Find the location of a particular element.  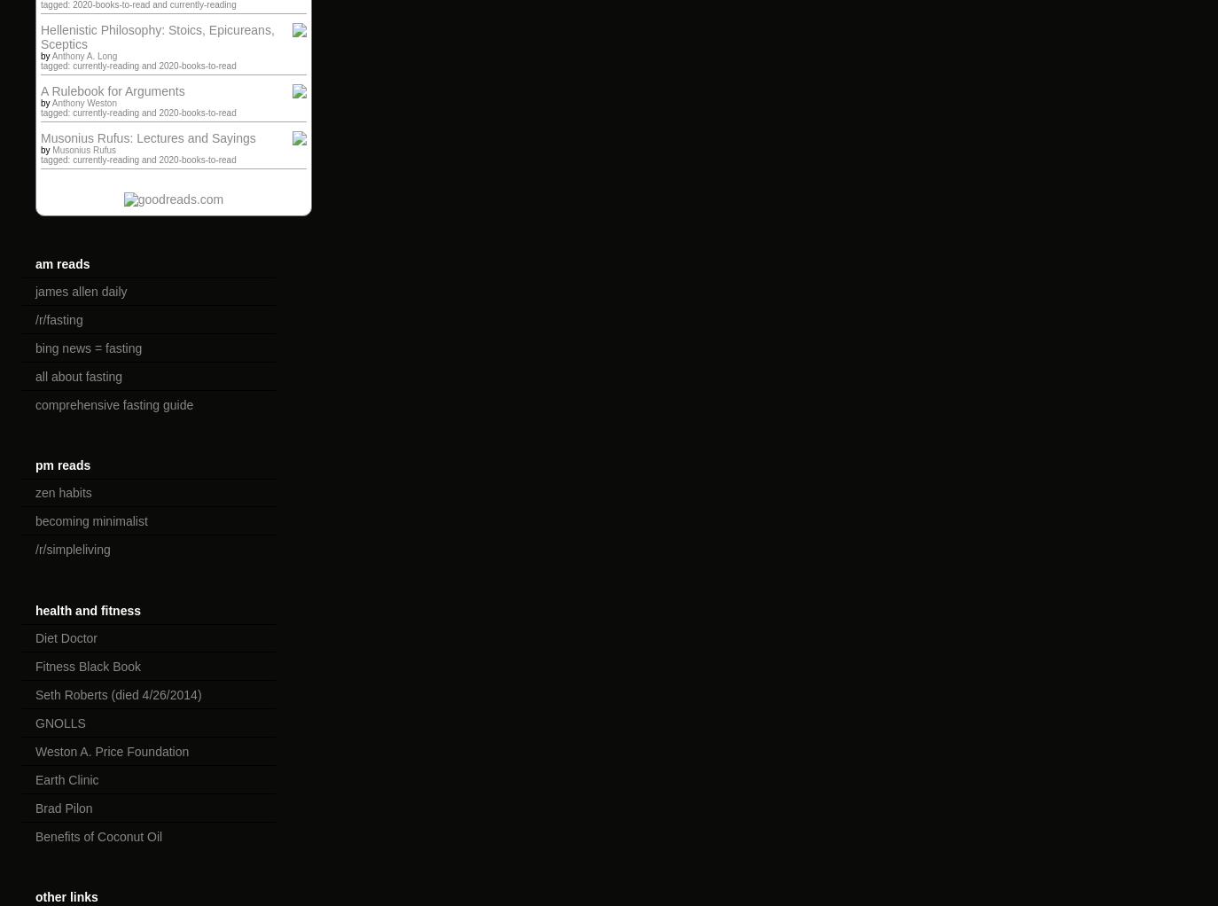

'Earth Clinic' is located at coordinates (66, 778).